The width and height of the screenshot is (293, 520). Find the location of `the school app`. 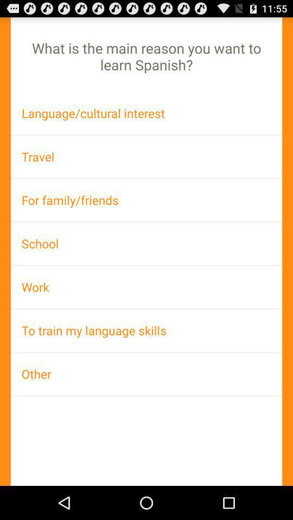

the school app is located at coordinates (146, 243).